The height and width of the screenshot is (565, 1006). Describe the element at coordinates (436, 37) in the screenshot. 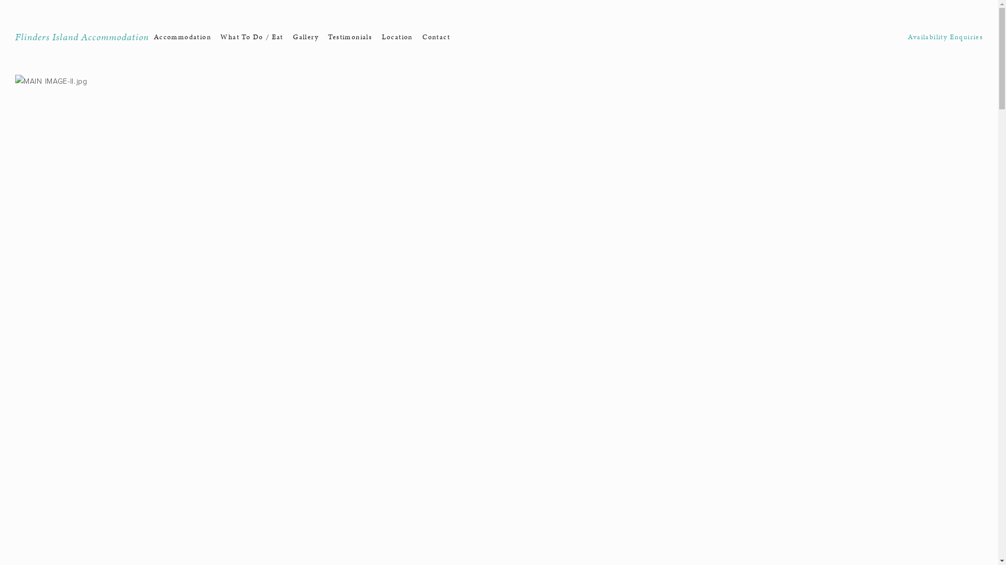

I see `'Contact'` at that location.